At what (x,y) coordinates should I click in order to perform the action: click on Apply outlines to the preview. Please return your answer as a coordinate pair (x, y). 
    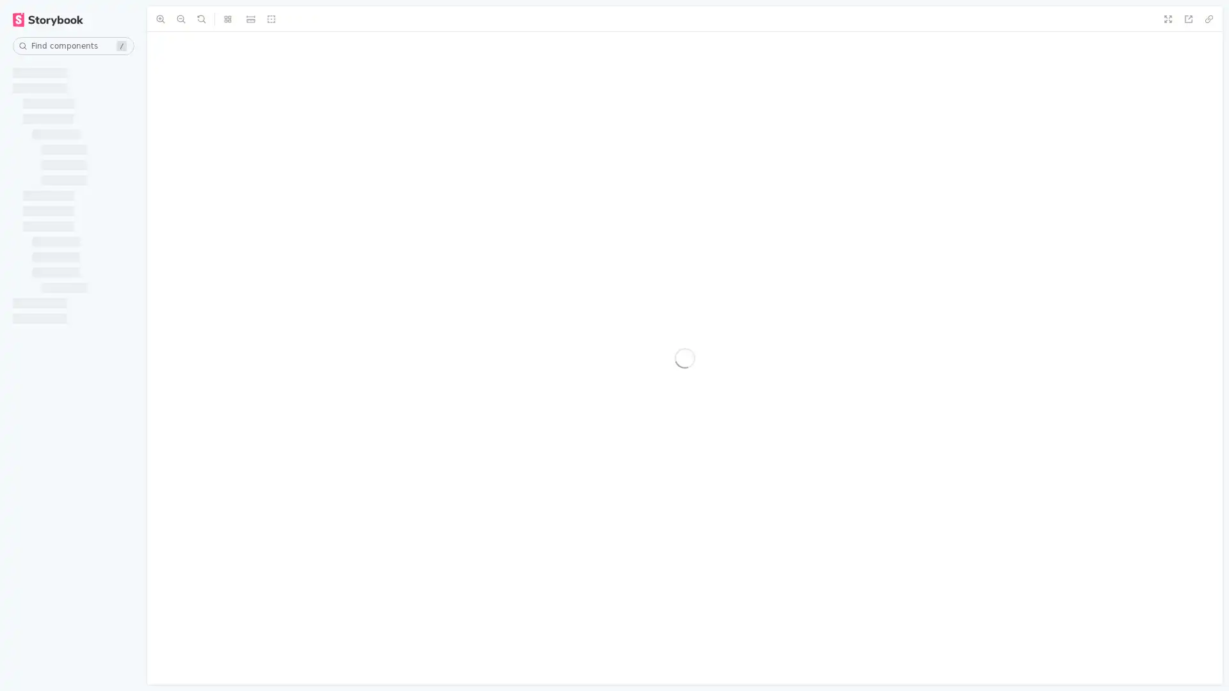
    Looking at the image, I should click on (527, 19).